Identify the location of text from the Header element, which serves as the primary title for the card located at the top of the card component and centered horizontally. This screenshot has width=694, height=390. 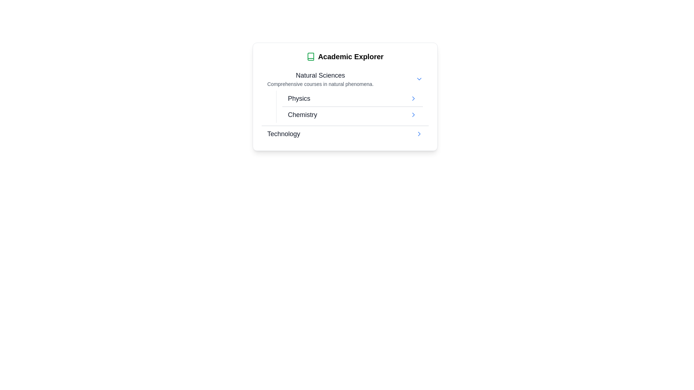
(344, 56).